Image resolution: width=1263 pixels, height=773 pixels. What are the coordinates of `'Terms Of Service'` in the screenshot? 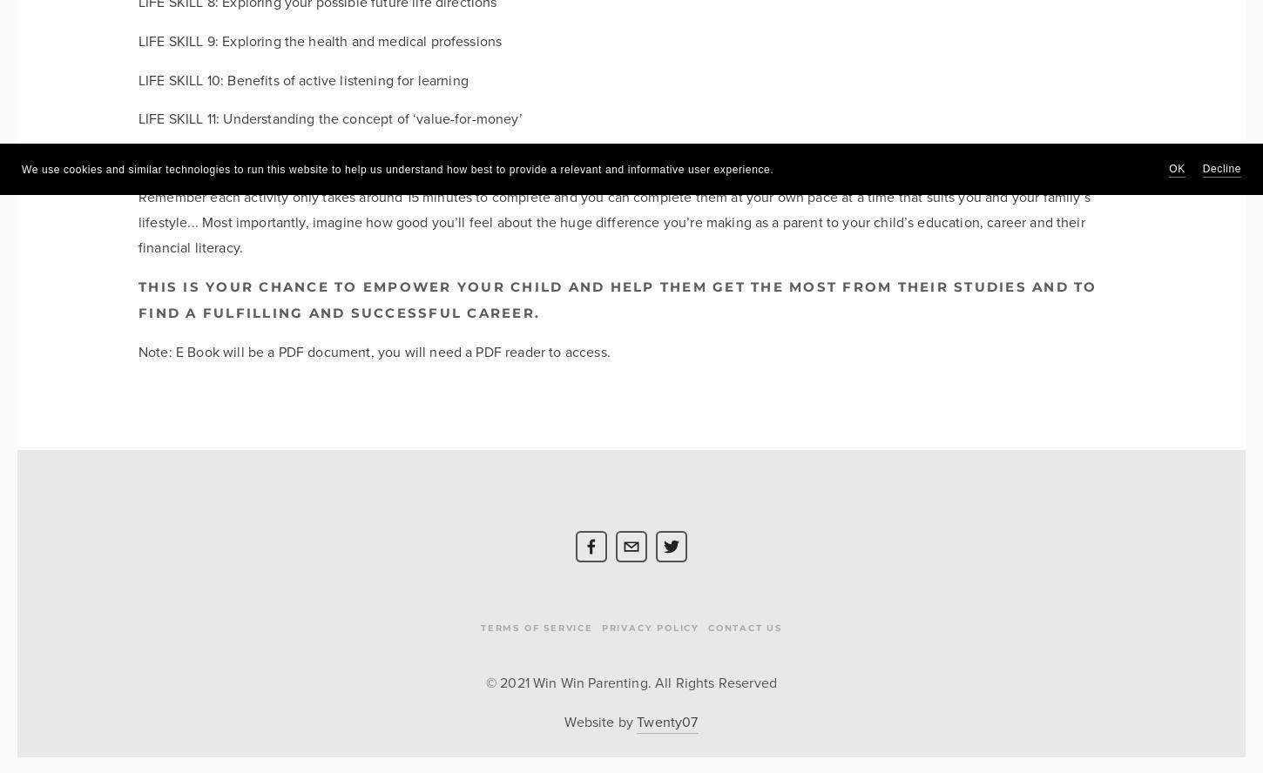 It's located at (480, 628).